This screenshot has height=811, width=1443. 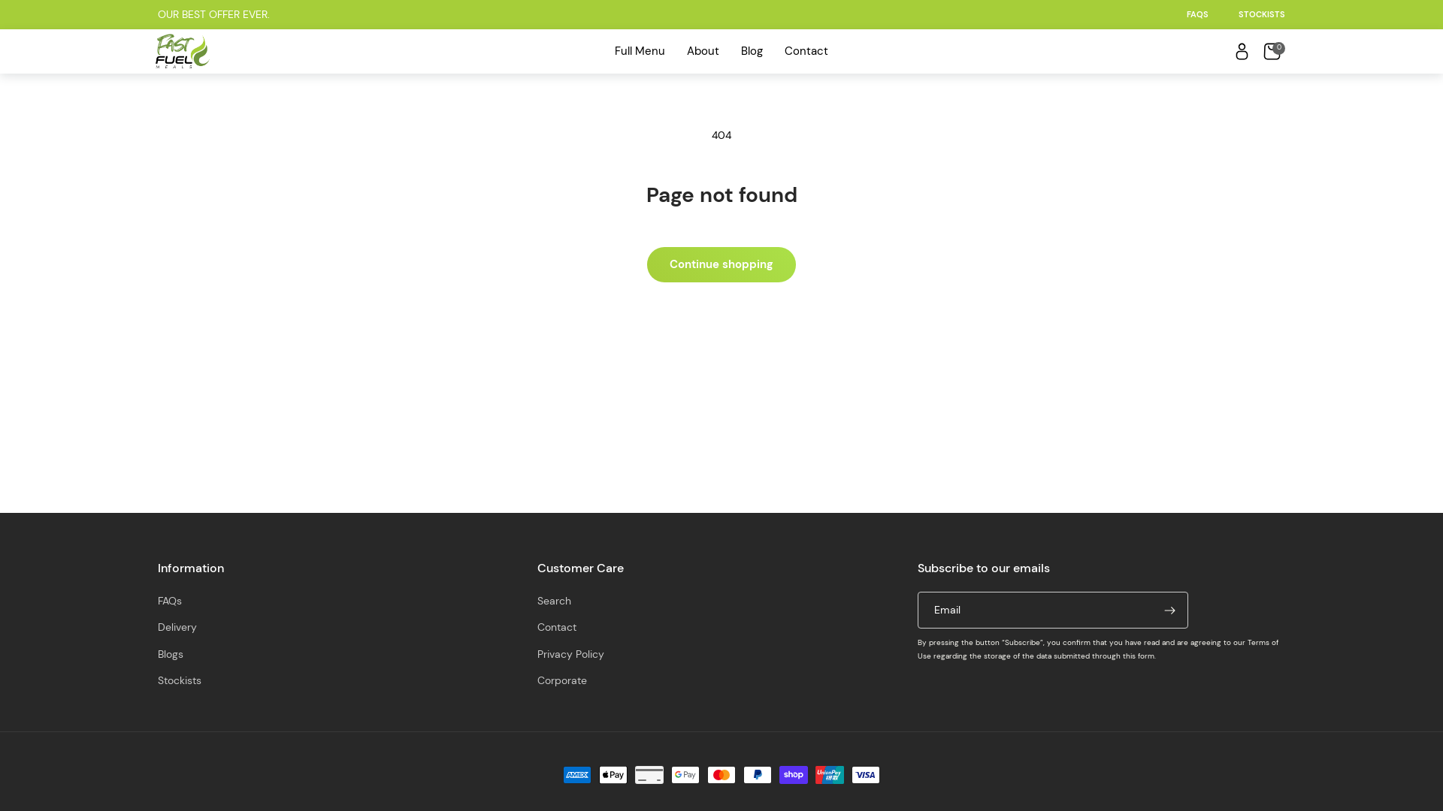 What do you see at coordinates (170, 653) in the screenshot?
I see `'Blogs'` at bounding box center [170, 653].